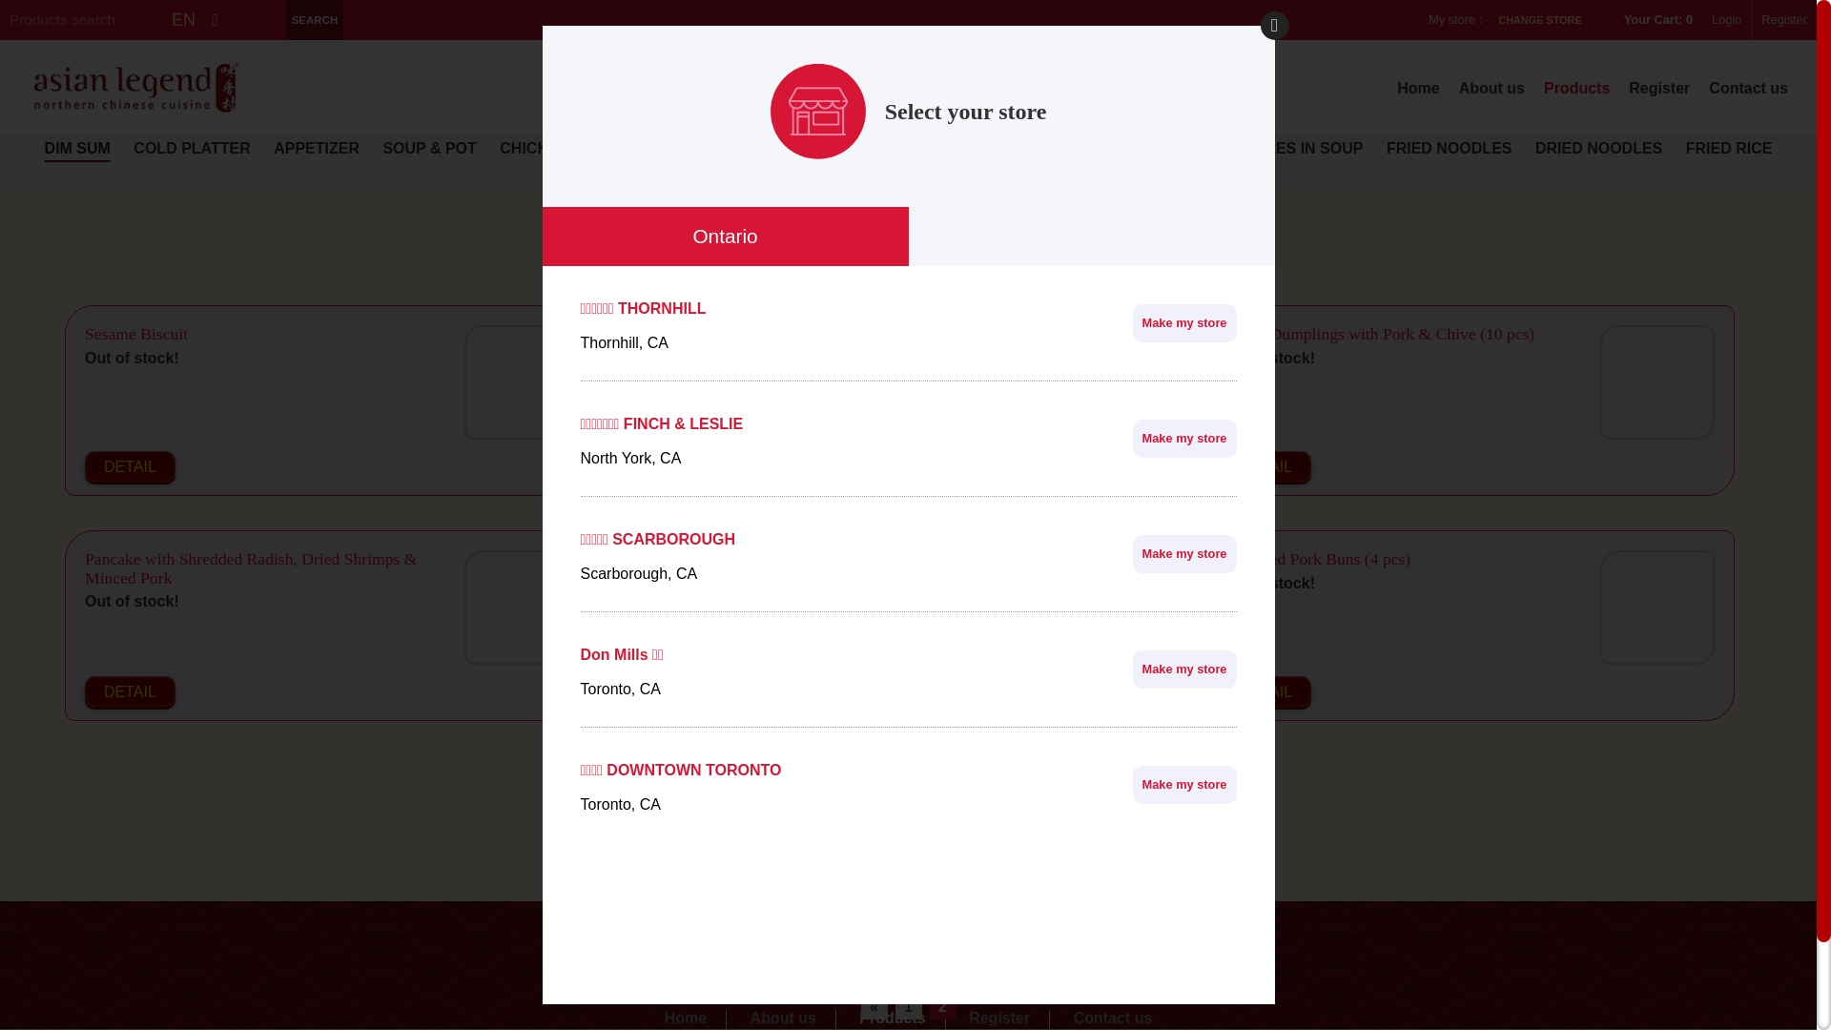 This screenshot has width=1831, height=1030. I want to click on 'Search', so click(315, 19).